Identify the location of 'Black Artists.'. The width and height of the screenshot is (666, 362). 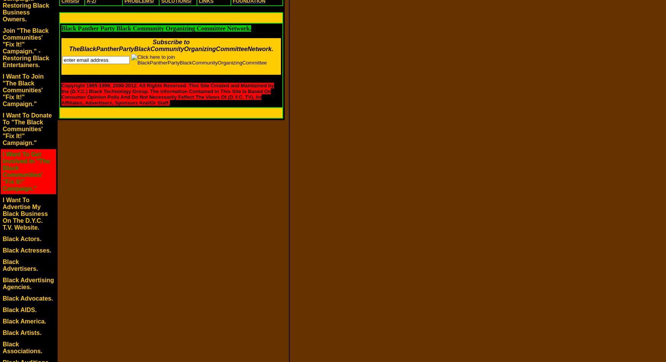
(21, 332).